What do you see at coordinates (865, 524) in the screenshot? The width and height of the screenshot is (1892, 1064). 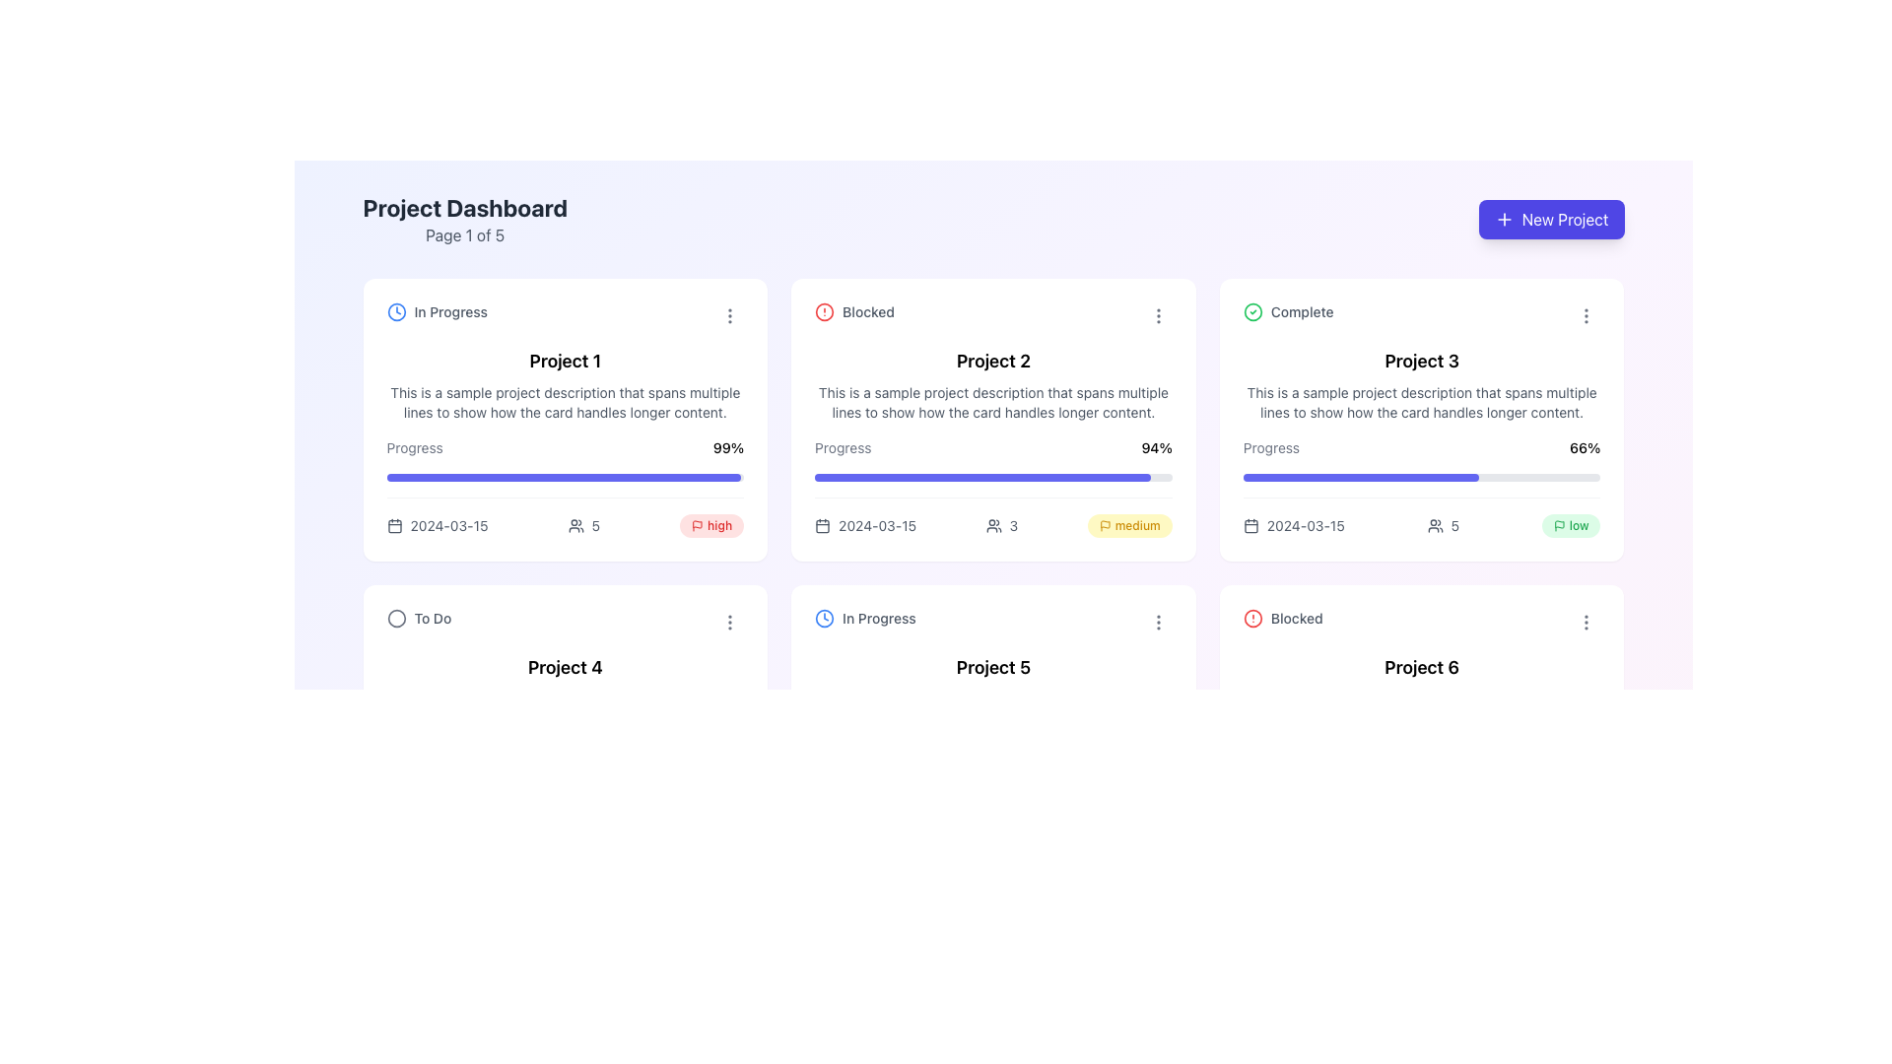 I see `the date '2024-03-15' displayed in the bottom-left section of the 'Project 2' card, which includes a calendar icon` at bounding box center [865, 524].